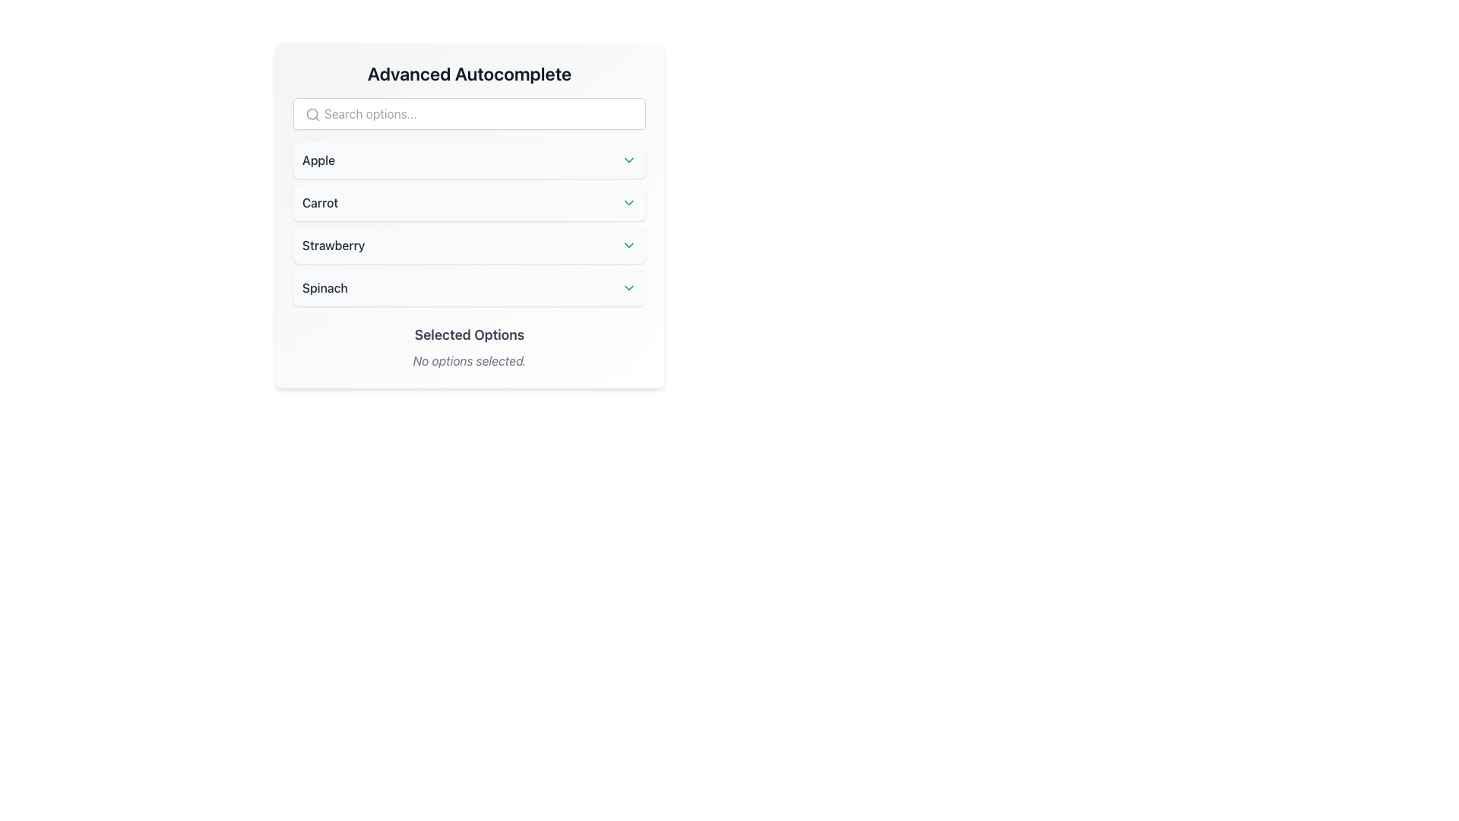  Describe the element at coordinates (469, 287) in the screenshot. I see `the Interactive List Item labeled 'Spinach'` at that location.